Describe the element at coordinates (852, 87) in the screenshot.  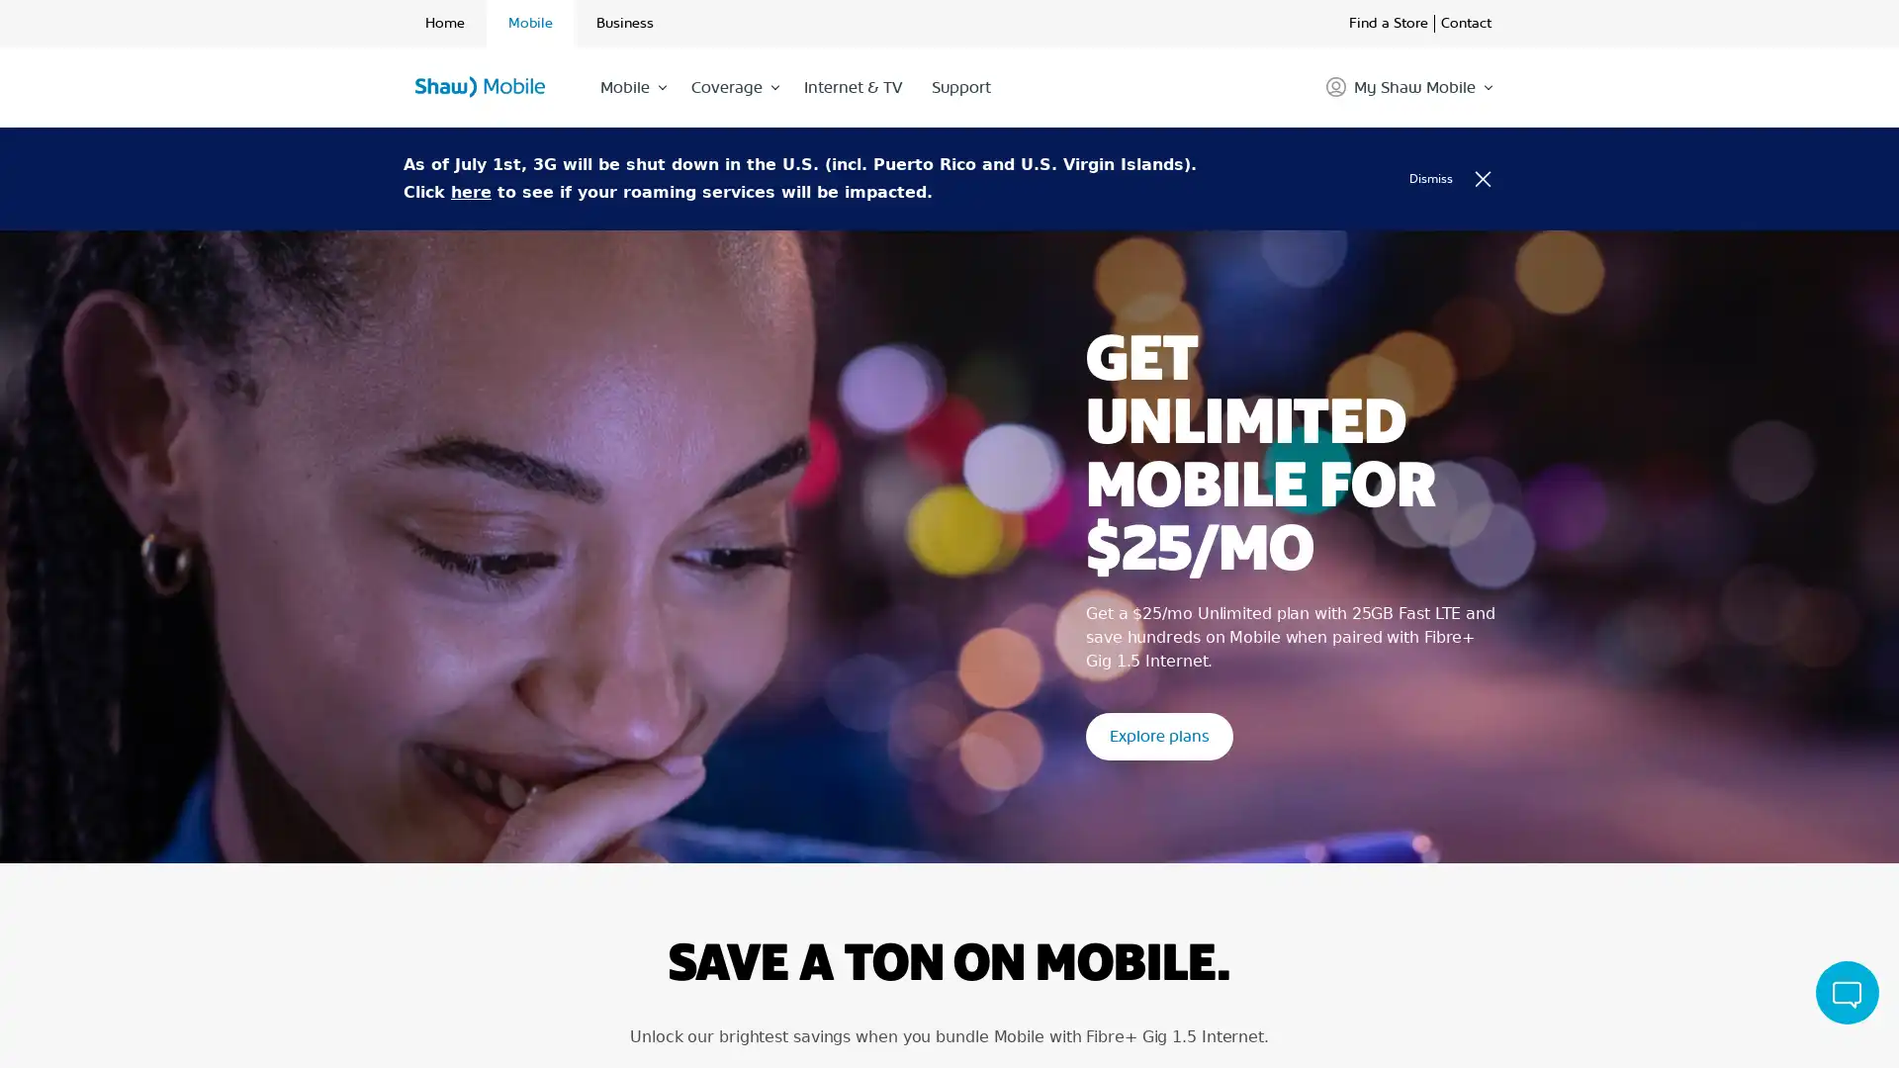
I see `Internet & TV` at that location.